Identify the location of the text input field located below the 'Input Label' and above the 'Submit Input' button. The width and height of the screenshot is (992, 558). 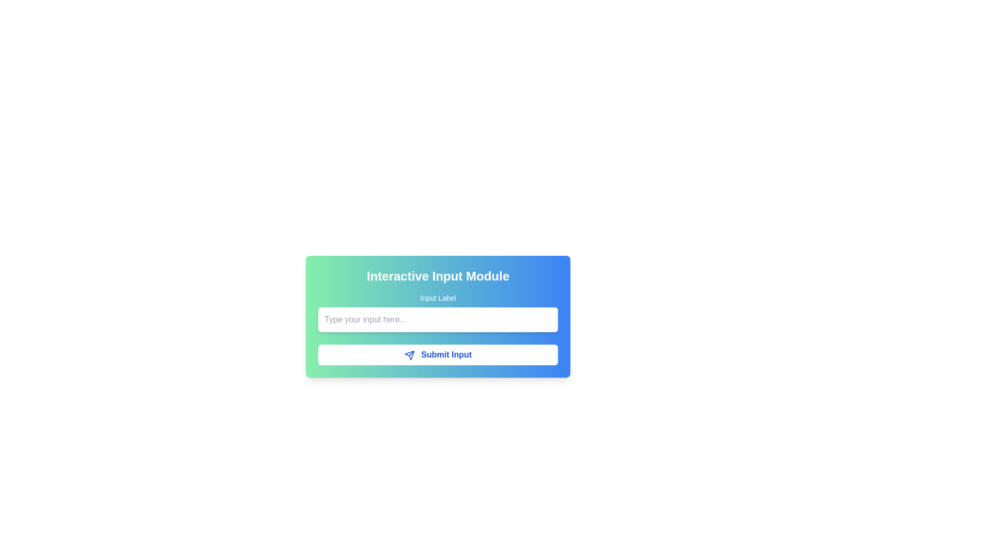
(438, 319).